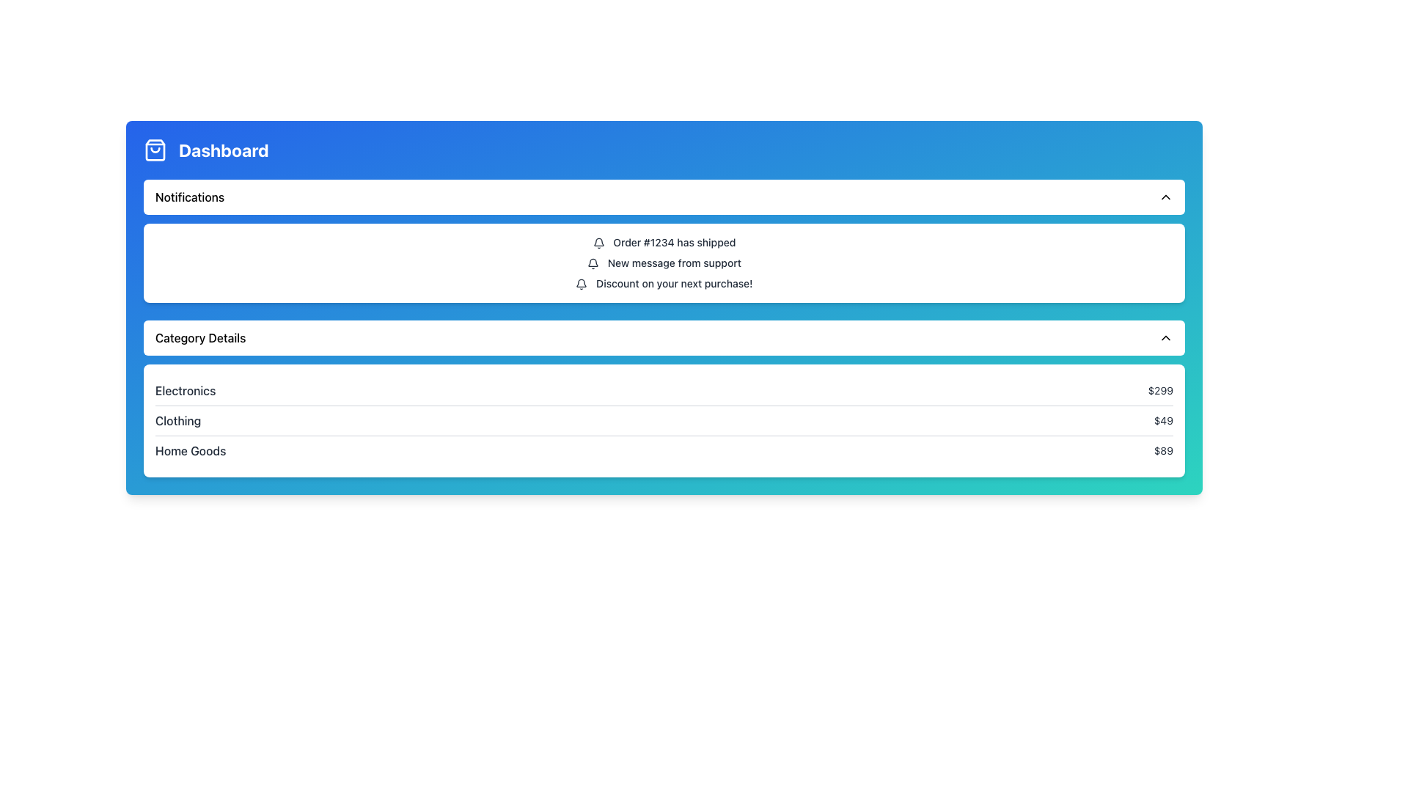 This screenshot has width=1408, height=792. What do you see at coordinates (177, 421) in the screenshot?
I see `the 'Clothing' text label in the 'Category Details' section, which is dark-colored and medium-sized, located towards the left end of the row` at bounding box center [177, 421].